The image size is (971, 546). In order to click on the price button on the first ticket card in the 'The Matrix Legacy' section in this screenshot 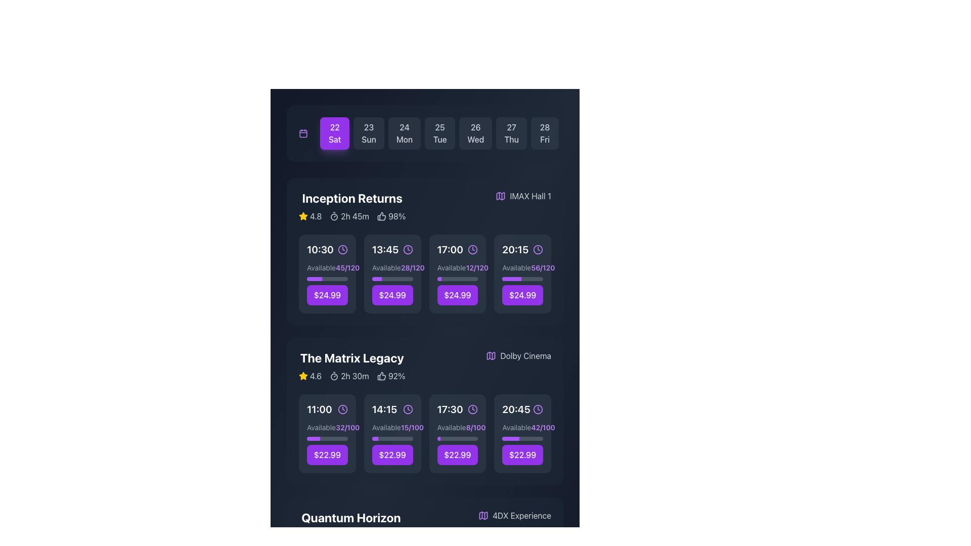, I will do `click(327, 433)`.